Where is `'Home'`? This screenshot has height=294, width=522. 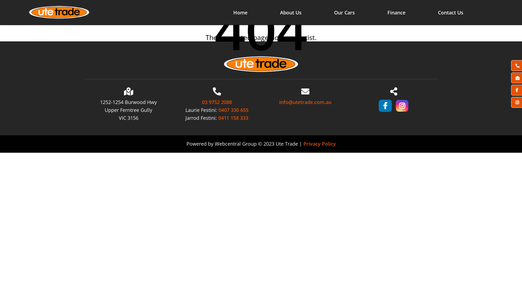 'Home' is located at coordinates (233, 12).